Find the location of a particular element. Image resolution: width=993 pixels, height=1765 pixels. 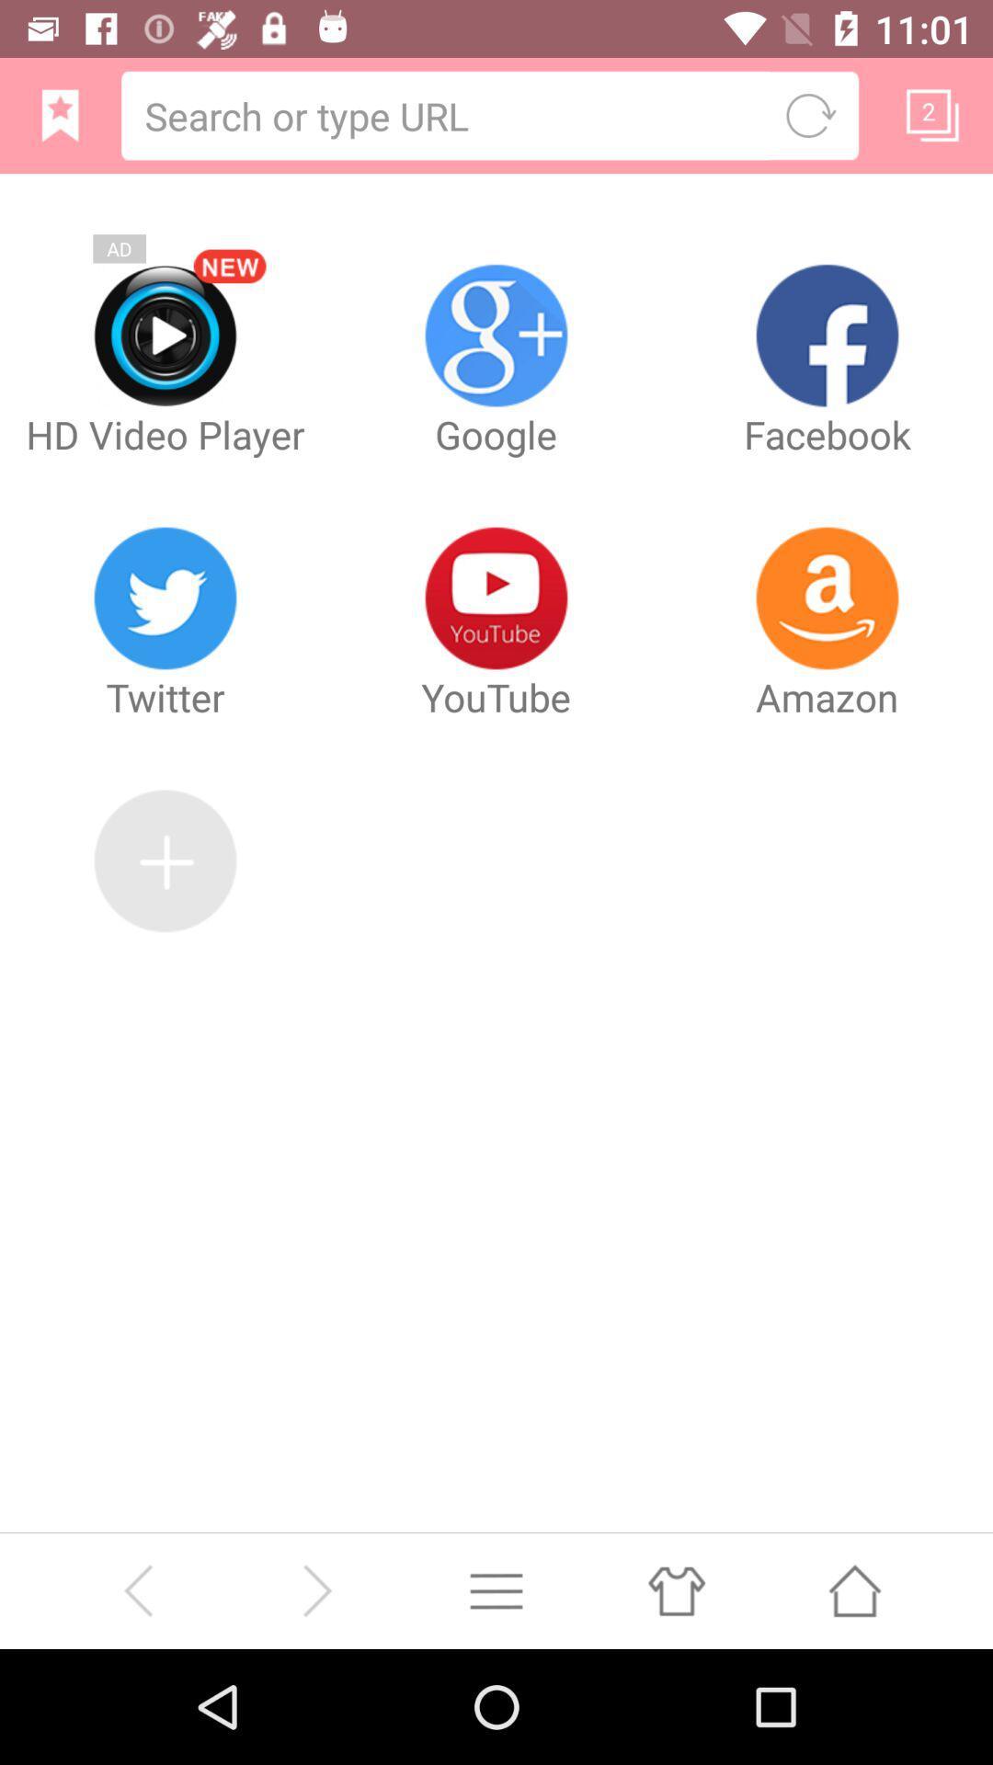

the group icon is located at coordinates (676, 1702).